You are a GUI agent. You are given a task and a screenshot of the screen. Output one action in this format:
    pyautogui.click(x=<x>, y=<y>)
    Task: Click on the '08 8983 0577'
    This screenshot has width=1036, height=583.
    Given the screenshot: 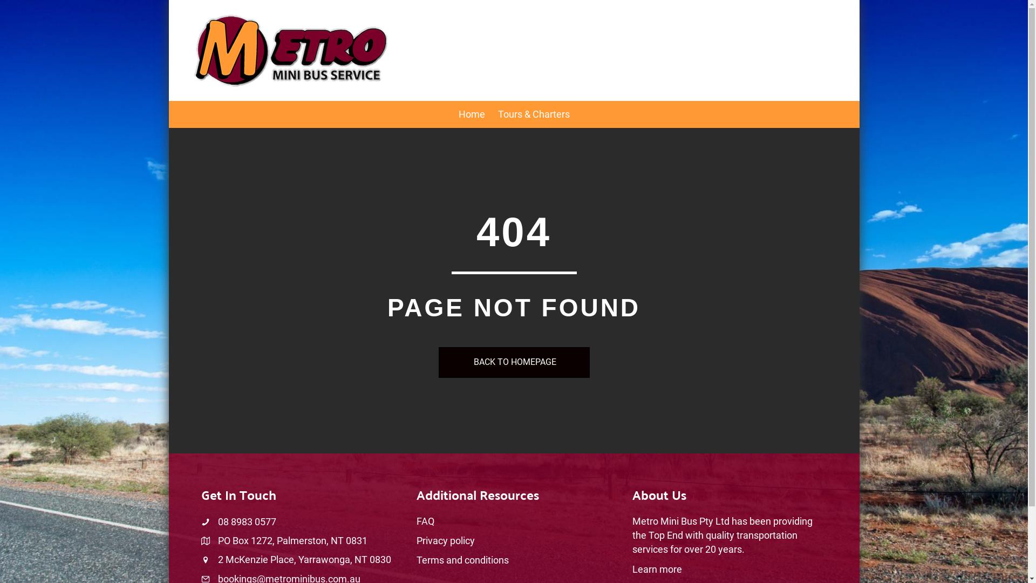 What is the action you would take?
    pyautogui.click(x=217, y=521)
    